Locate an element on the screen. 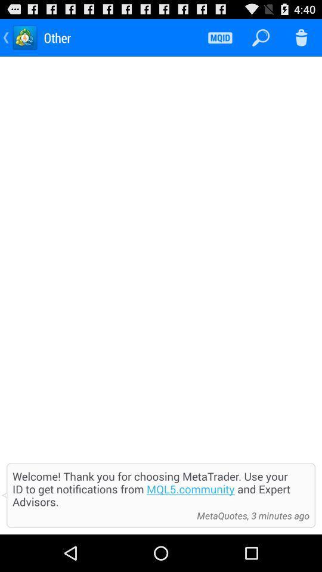 The image size is (322, 572). icon below welcome thank you is located at coordinates (101, 515).